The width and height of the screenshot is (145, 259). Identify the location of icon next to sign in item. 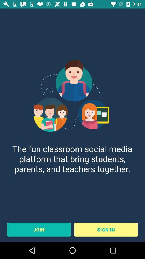
(38, 229).